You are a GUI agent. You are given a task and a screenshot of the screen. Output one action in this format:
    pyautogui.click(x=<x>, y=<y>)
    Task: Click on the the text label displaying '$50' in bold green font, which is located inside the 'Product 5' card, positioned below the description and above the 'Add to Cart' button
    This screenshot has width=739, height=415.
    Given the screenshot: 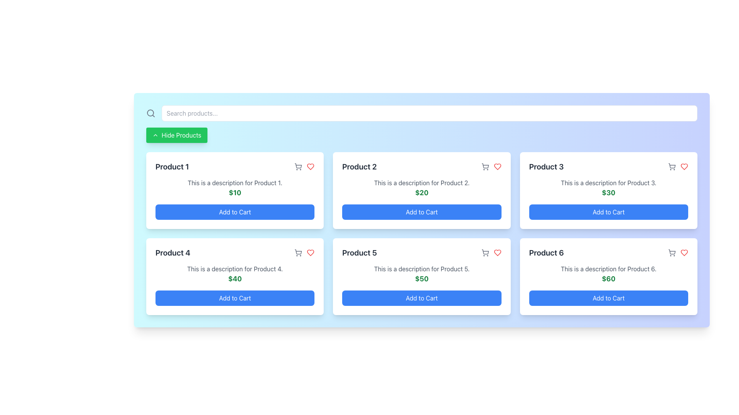 What is the action you would take?
    pyautogui.click(x=421, y=279)
    